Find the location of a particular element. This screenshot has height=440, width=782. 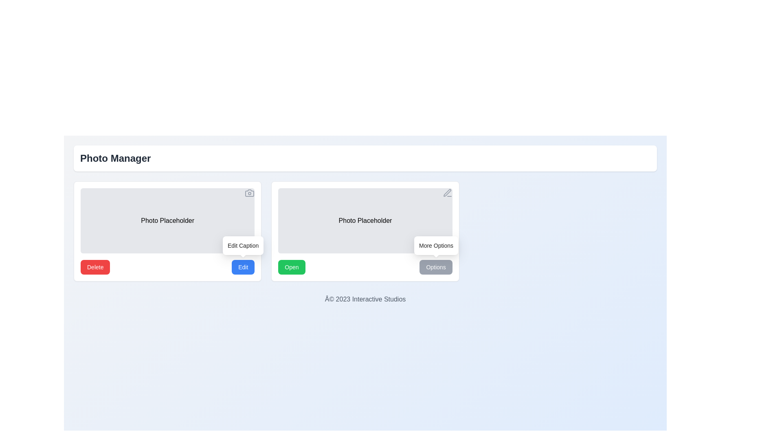

the camera icon located in the top-right corner of the first card, above the 'Photo Placeholder' text is located at coordinates (249, 193).